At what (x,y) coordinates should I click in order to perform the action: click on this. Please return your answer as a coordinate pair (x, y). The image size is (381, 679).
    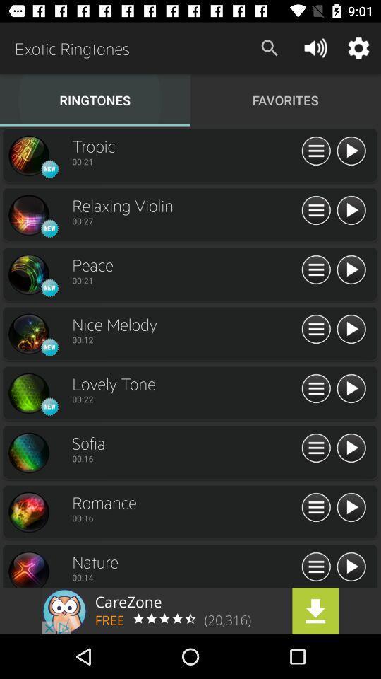
    Looking at the image, I should click on (350, 508).